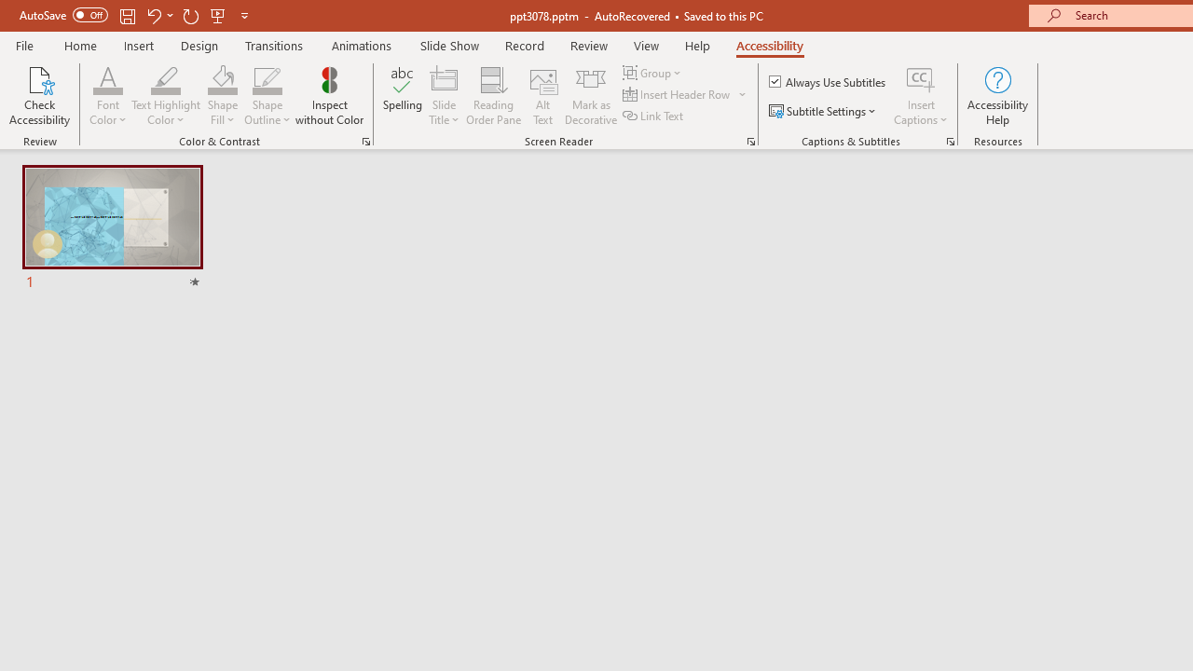 The height and width of the screenshot is (671, 1193). Describe the element at coordinates (329, 96) in the screenshot. I see `'Inspect without Color'` at that location.